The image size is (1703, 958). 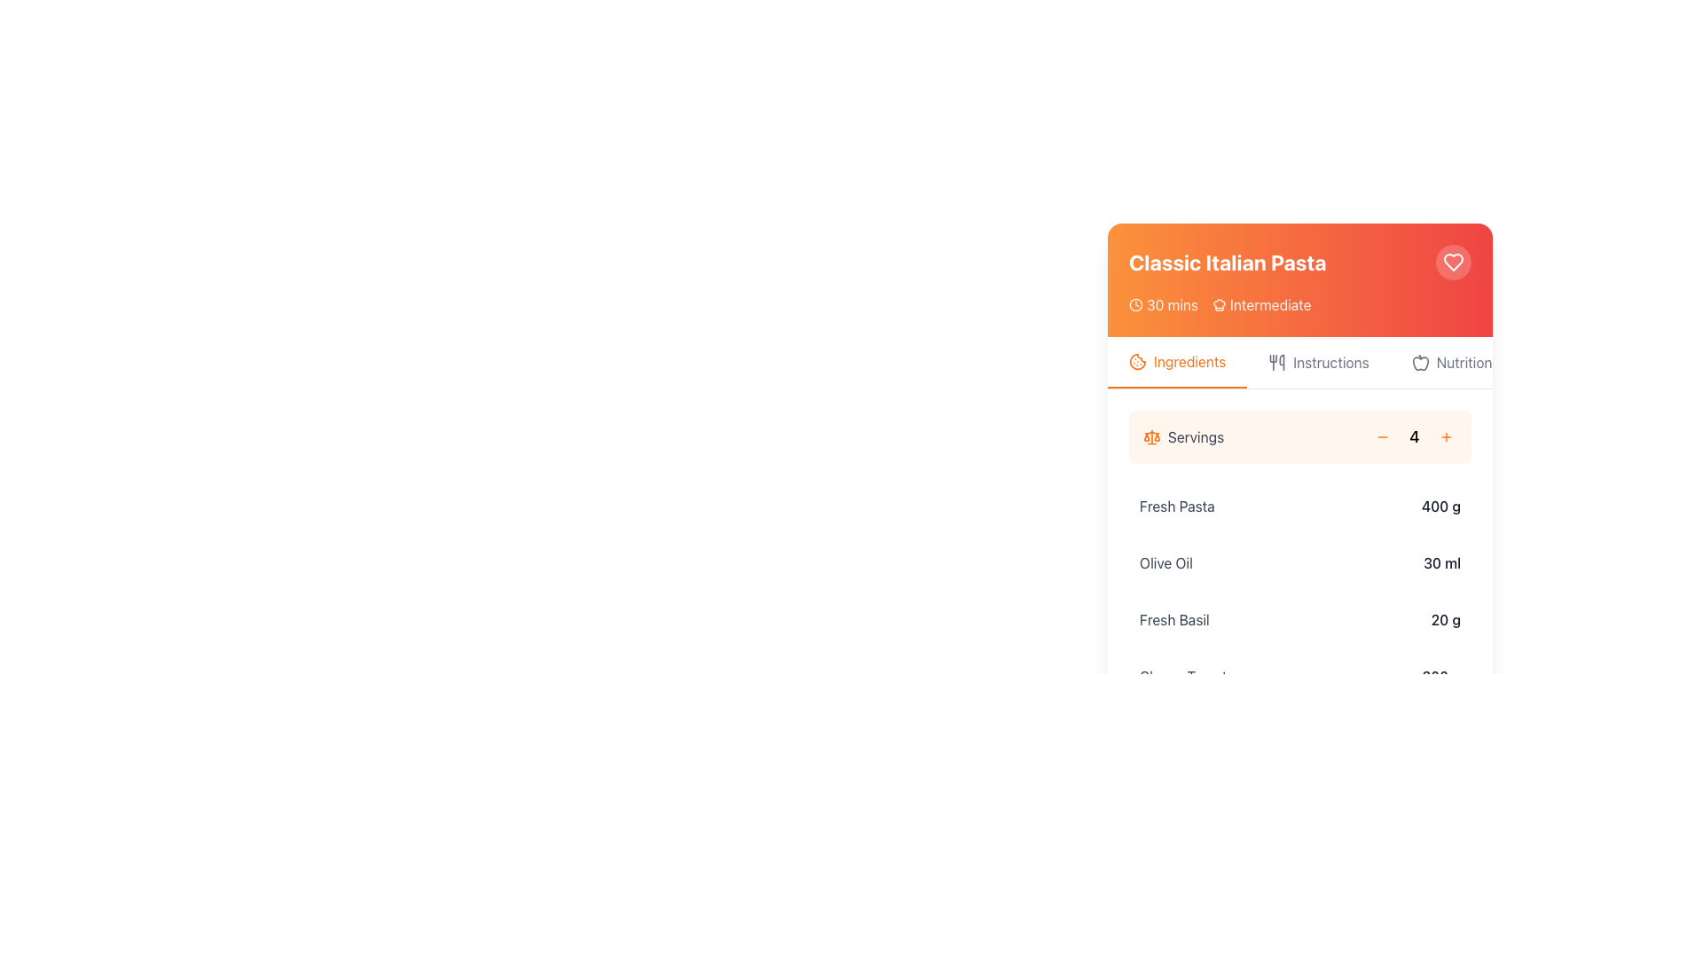 I want to click on the 'Nutrition' tab in the navigation menu, so click(x=1464, y=361).